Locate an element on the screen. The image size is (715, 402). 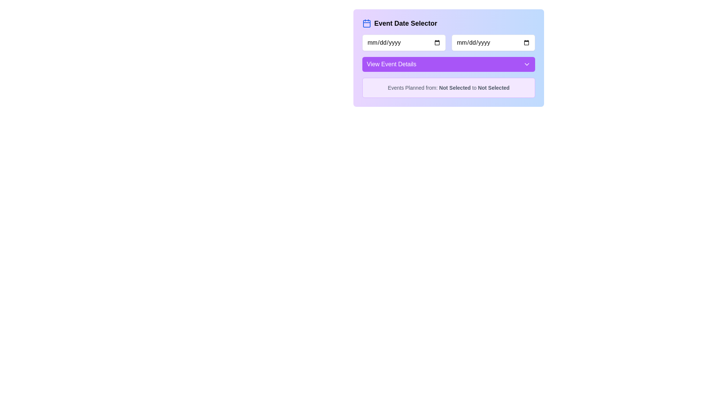
text displayed in the first 'Not Selected' instance of the Text label, which serves as a placeholder indicating no specific data has been chosen yet is located at coordinates (454, 87).